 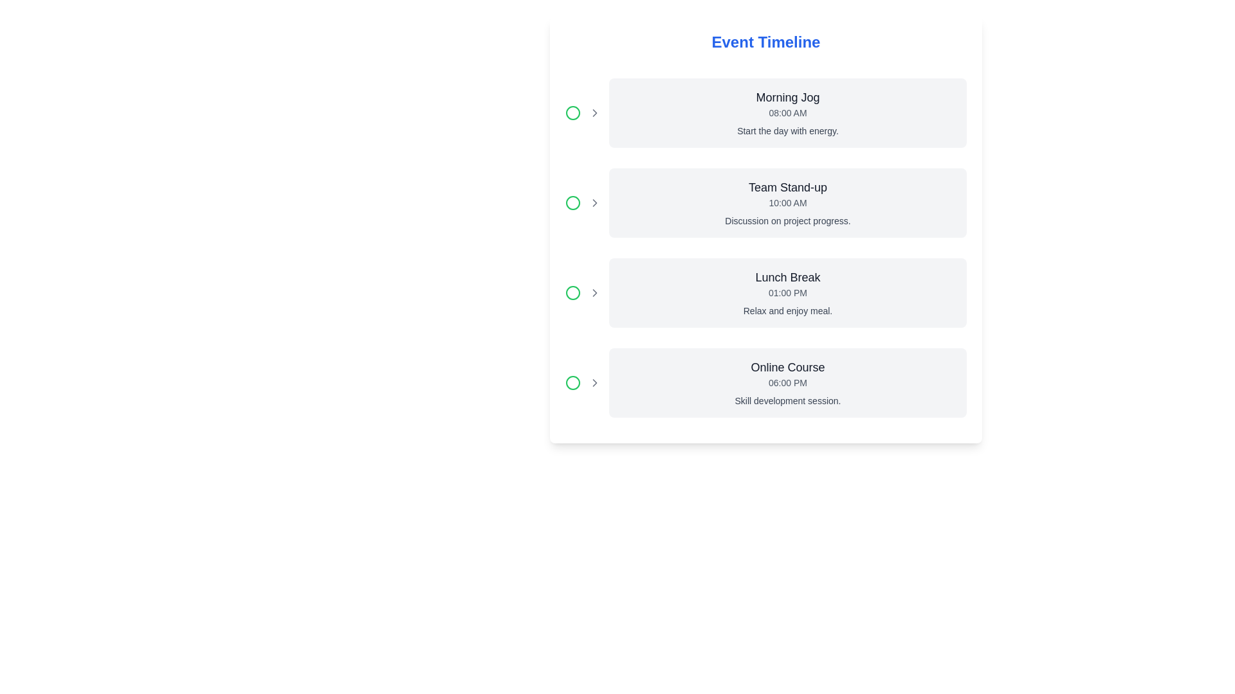 What do you see at coordinates (594, 292) in the screenshot?
I see `the chevron icon located to the right of the text 'Relax and enjoy meal' in the 'Lunch Break' section` at bounding box center [594, 292].